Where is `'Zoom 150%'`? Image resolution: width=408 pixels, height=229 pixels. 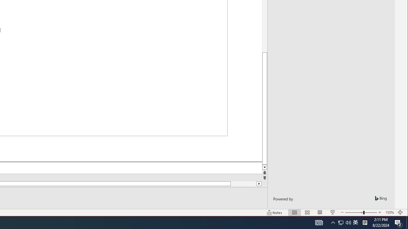
'Zoom 150%' is located at coordinates (389, 212).